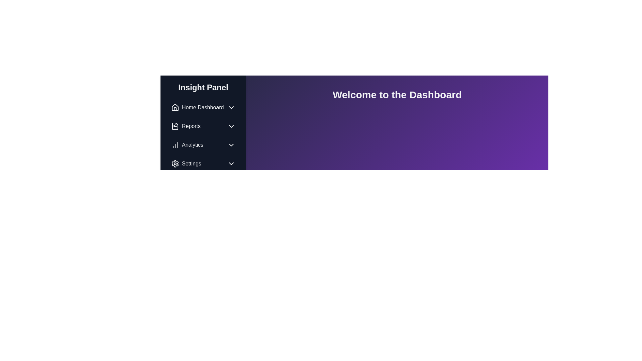 Image resolution: width=642 pixels, height=361 pixels. I want to click on the downward-pointing chevron icon, so click(231, 145).